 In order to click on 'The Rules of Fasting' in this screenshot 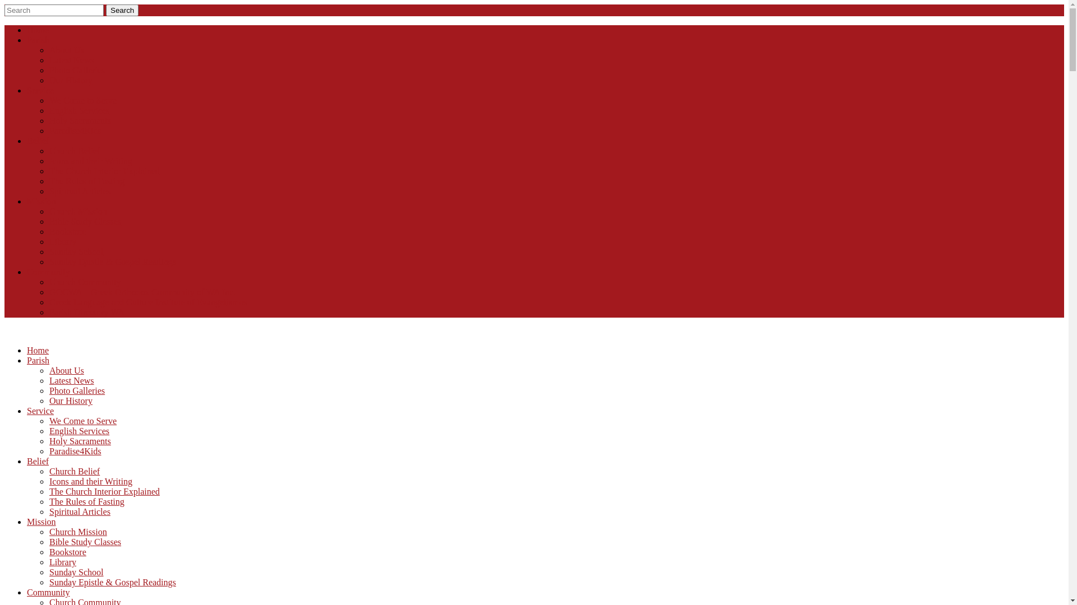, I will do `click(86, 501)`.